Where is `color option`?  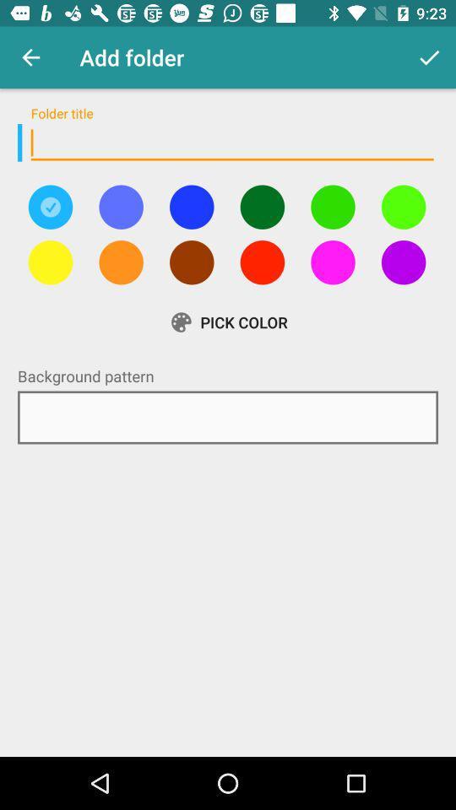
color option is located at coordinates (120, 262).